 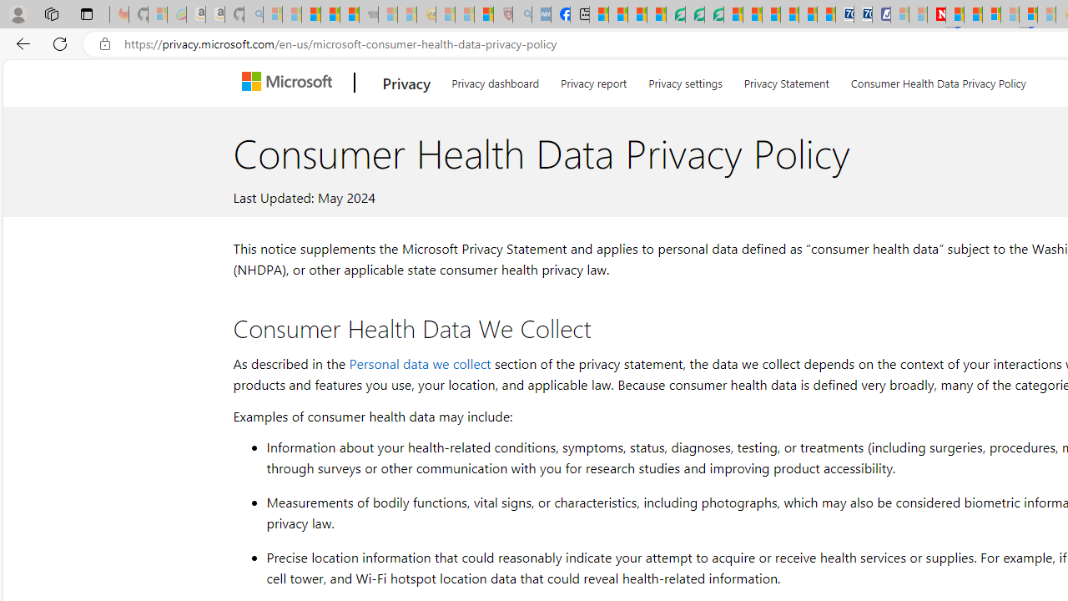 I want to click on 'Privacy settings', so click(x=685, y=80).